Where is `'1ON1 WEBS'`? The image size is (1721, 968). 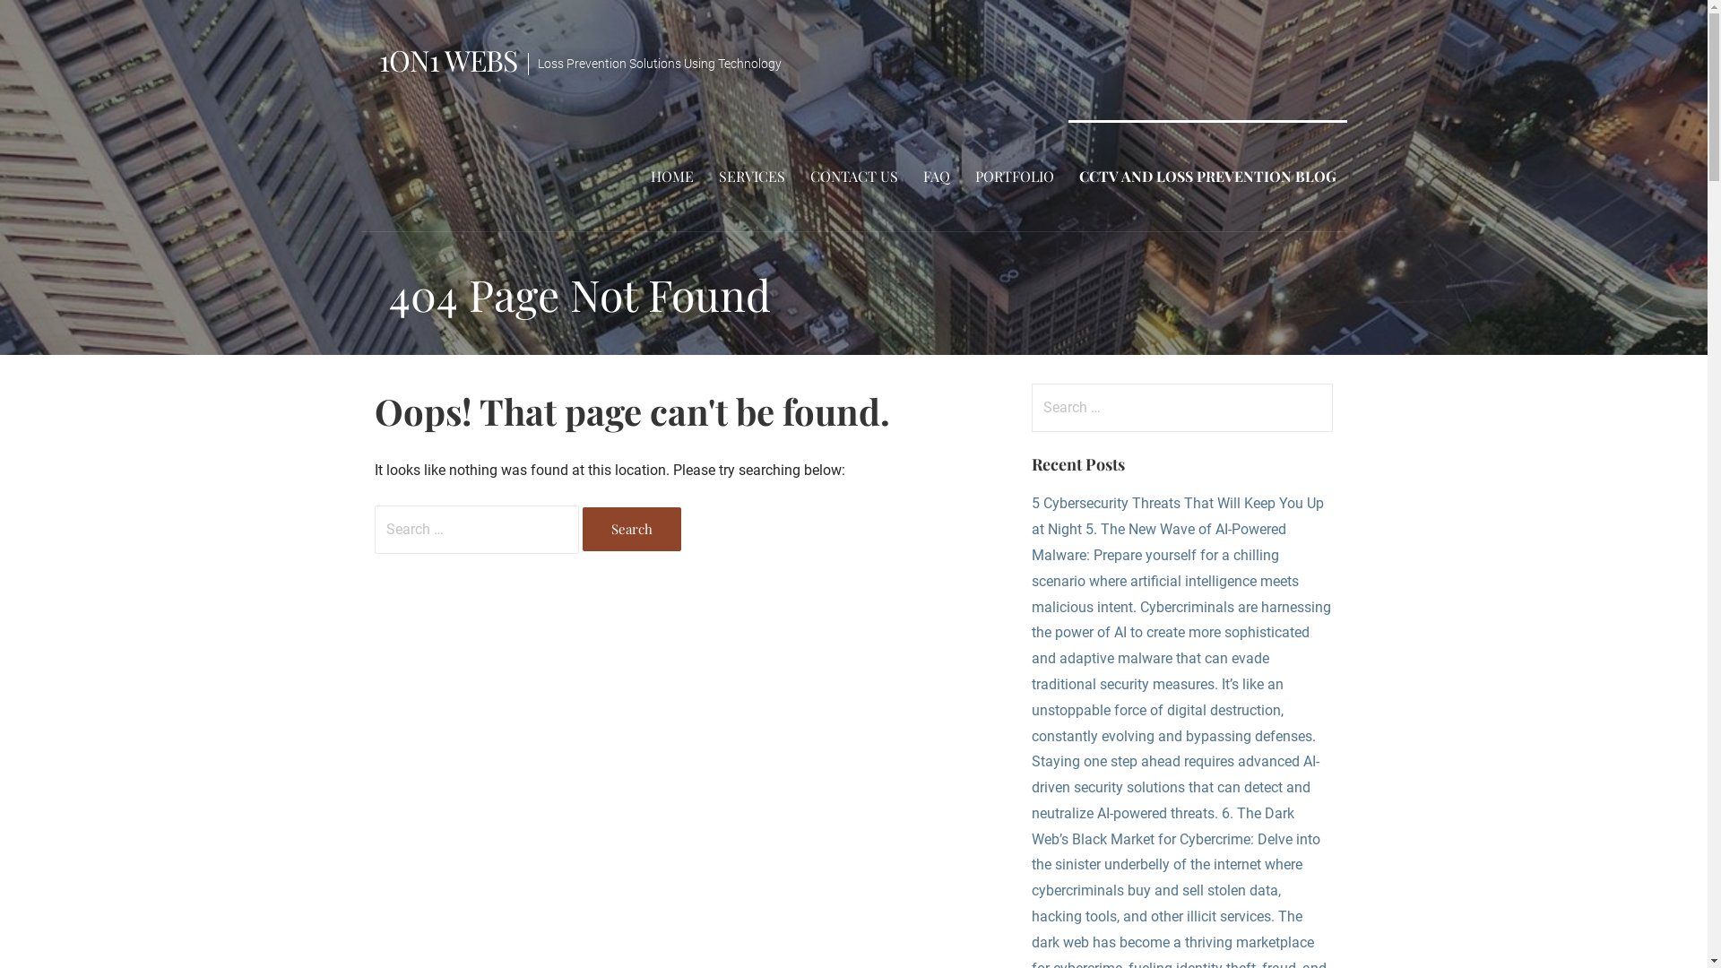 '1ON1 WEBS' is located at coordinates (377, 58).